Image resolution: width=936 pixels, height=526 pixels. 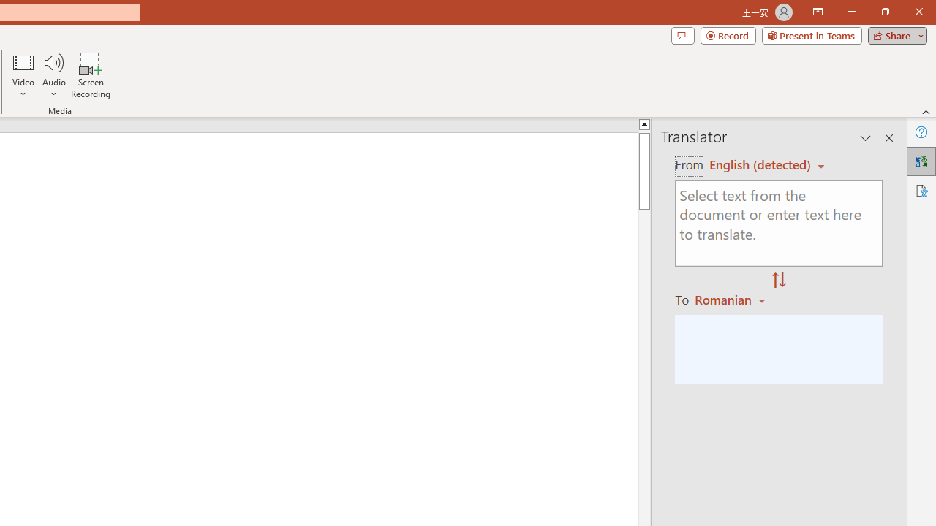 What do you see at coordinates (90, 75) in the screenshot?
I see `'Screen Recording...'` at bounding box center [90, 75].